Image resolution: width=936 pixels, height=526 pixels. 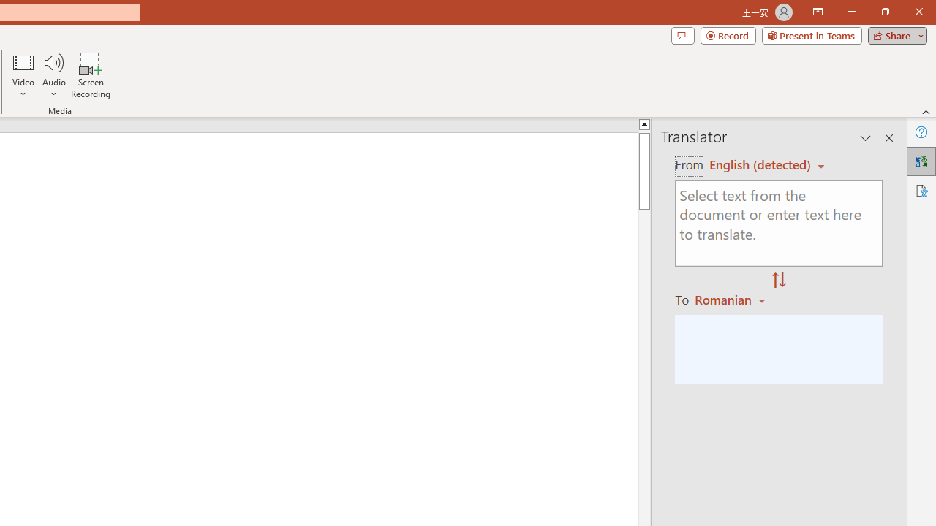 What do you see at coordinates (90, 75) in the screenshot?
I see `'Screen Recording...'` at bounding box center [90, 75].